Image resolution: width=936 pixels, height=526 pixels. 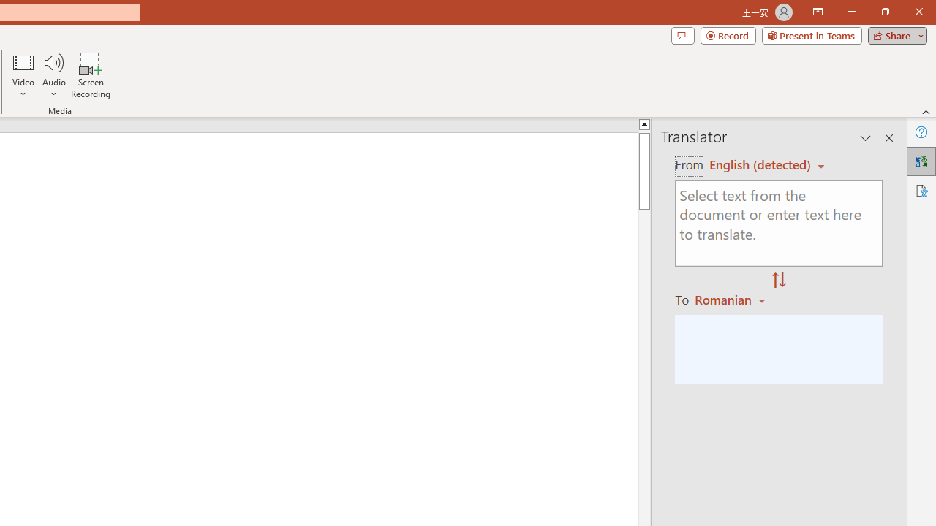 What do you see at coordinates (90, 75) in the screenshot?
I see `'Screen Recording...'` at bounding box center [90, 75].